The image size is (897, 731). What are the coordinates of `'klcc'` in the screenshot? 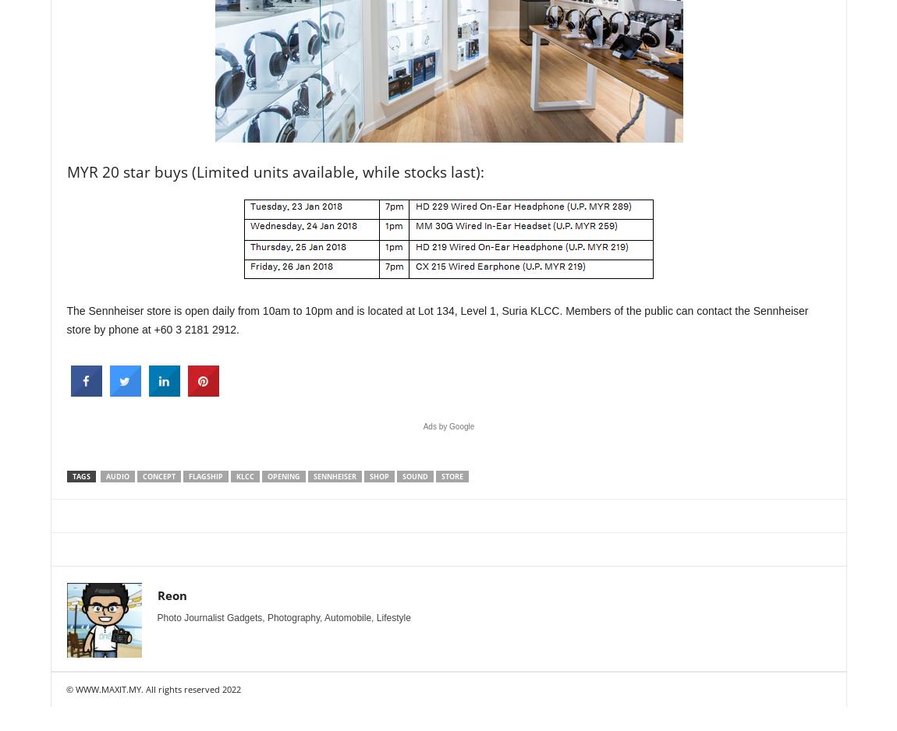 It's located at (244, 476).